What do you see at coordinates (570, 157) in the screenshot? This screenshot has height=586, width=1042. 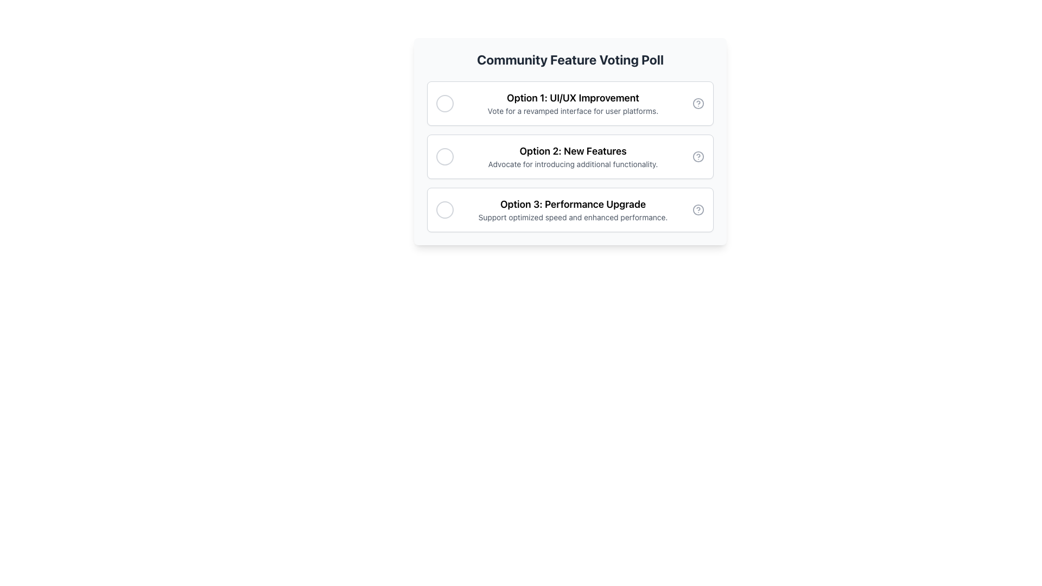 I see `the selectable poll option 'Option 2: New Features' in the 'Community Feature Voting Poll'` at bounding box center [570, 157].